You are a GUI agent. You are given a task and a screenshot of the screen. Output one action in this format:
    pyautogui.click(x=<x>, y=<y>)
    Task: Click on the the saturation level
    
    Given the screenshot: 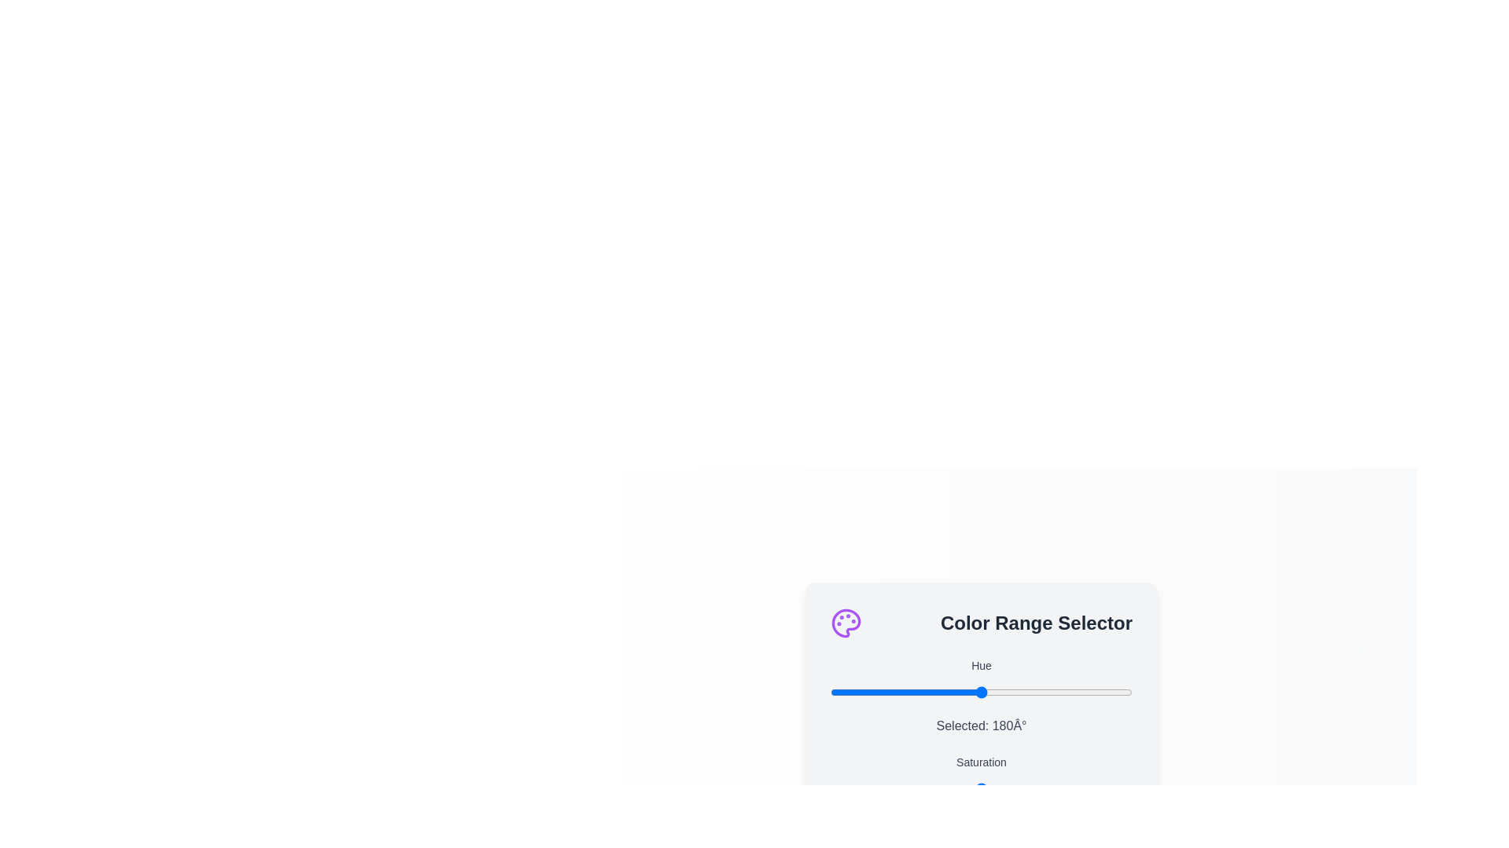 What is the action you would take?
    pyautogui.click(x=848, y=788)
    